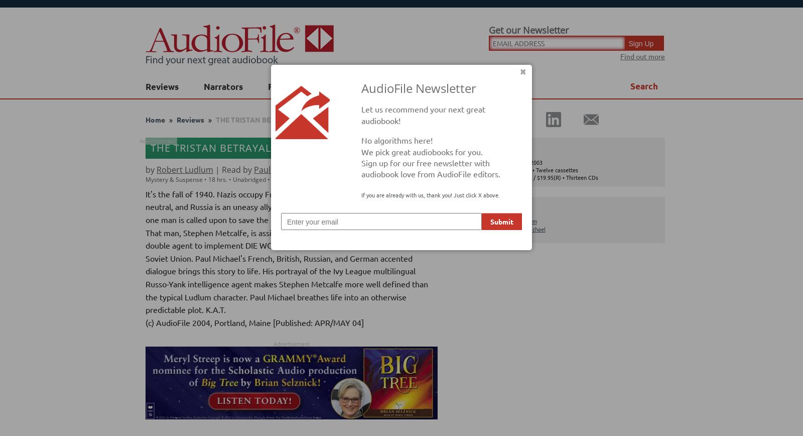 This screenshot has height=436, width=803. I want to click on 'Search', so click(643, 86).